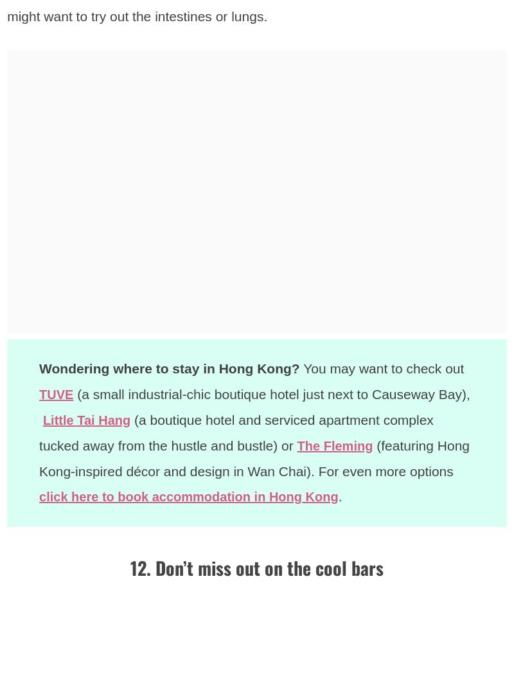 This screenshot has width=514, height=687. What do you see at coordinates (89, 418) in the screenshot?
I see `'Little Tai Hang'` at bounding box center [89, 418].